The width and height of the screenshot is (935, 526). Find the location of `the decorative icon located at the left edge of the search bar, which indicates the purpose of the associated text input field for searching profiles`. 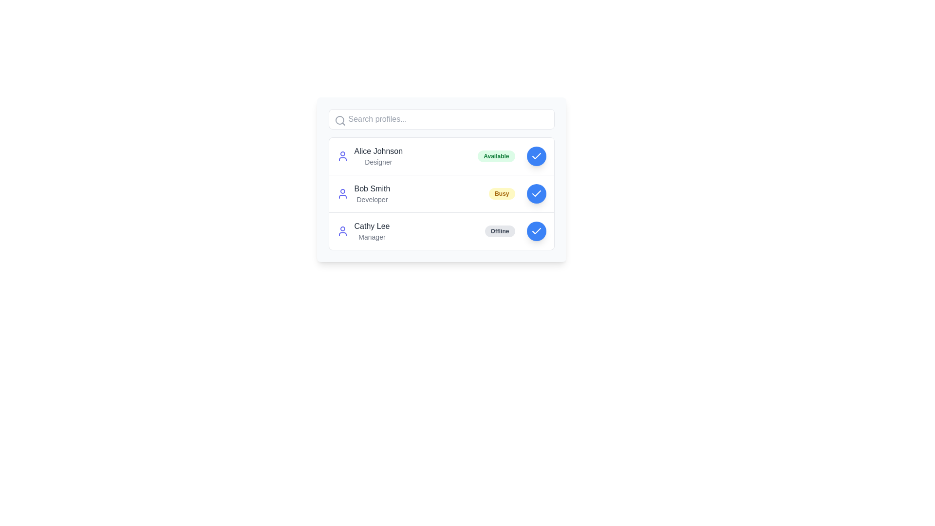

the decorative icon located at the left edge of the search bar, which indicates the purpose of the associated text input field for searching profiles is located at coordinates (340, 120).